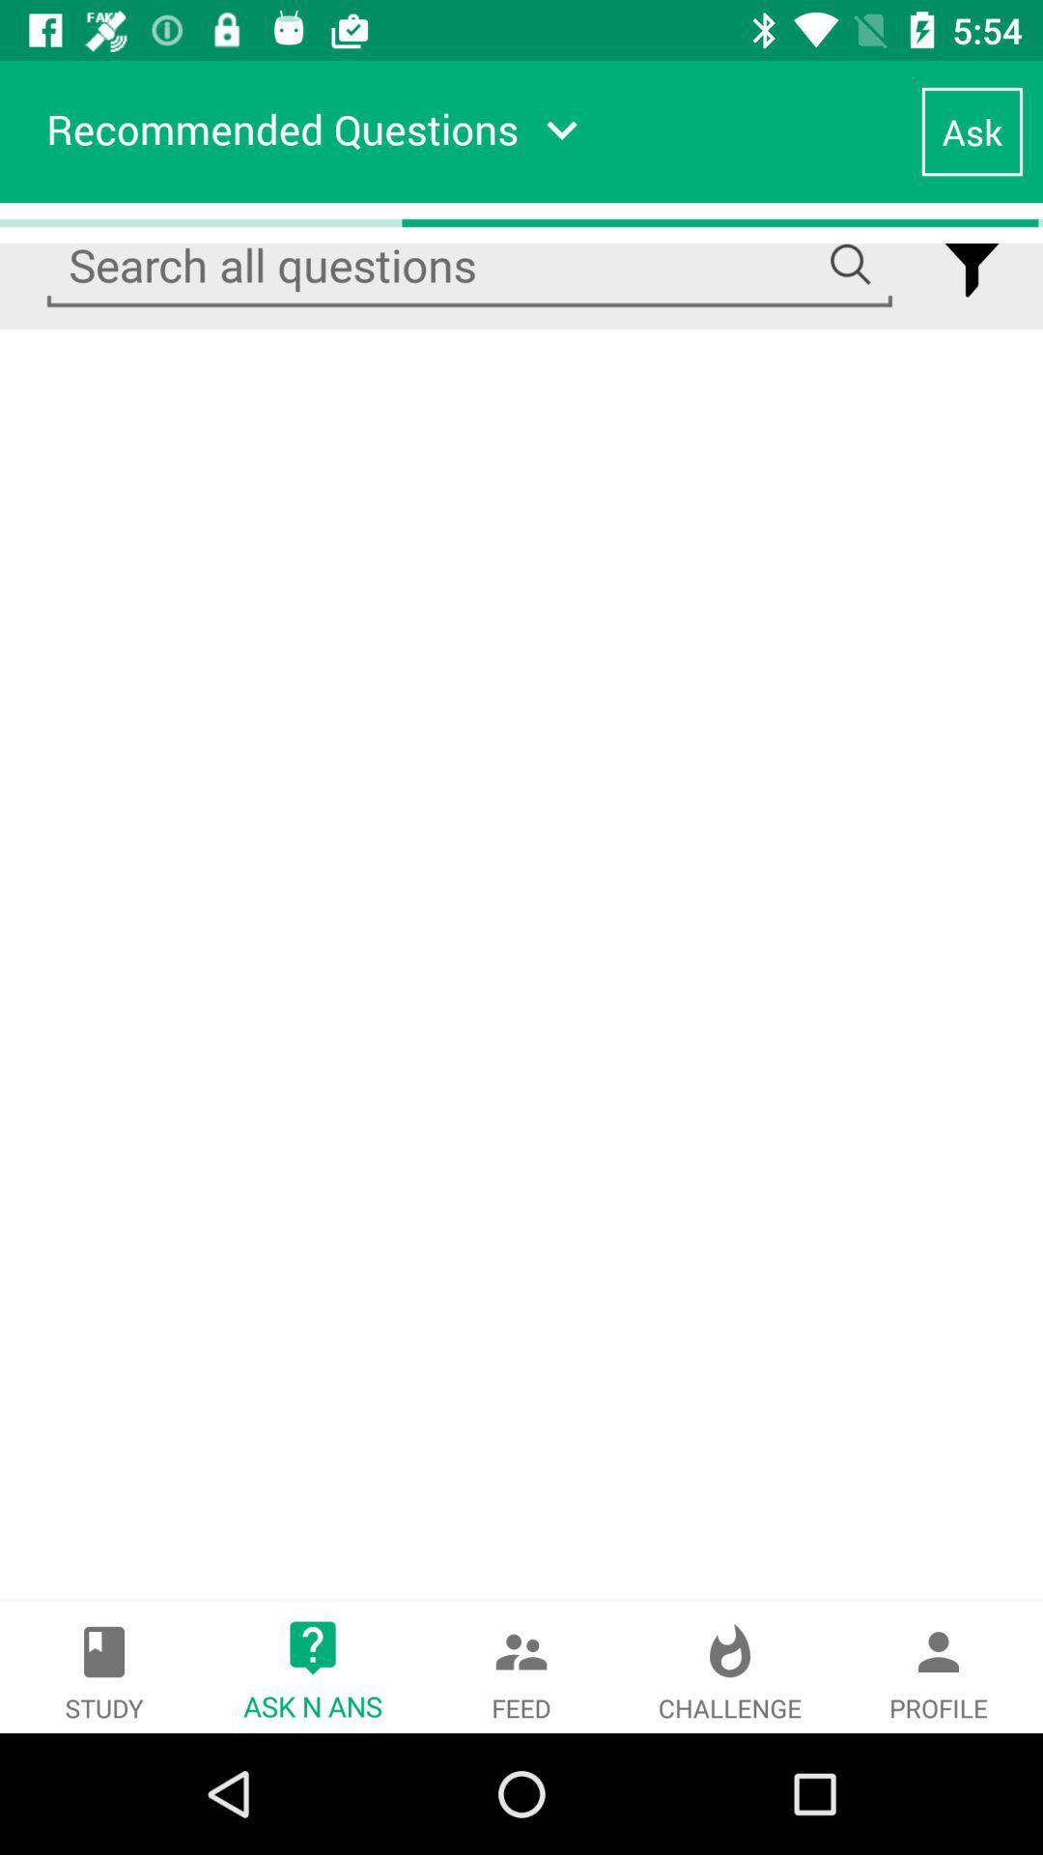  What do you see at coordinates (469, 265) in the screenshot?
I see `search` at bounding box center [469, 265].